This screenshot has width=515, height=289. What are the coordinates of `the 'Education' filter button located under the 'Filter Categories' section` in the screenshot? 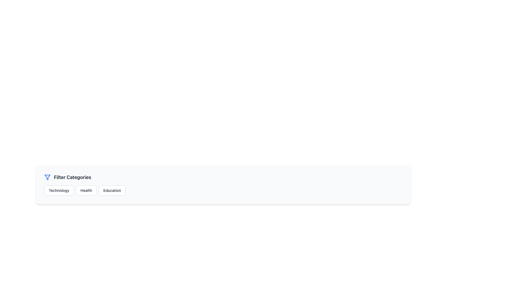 It's located at (112, 190).